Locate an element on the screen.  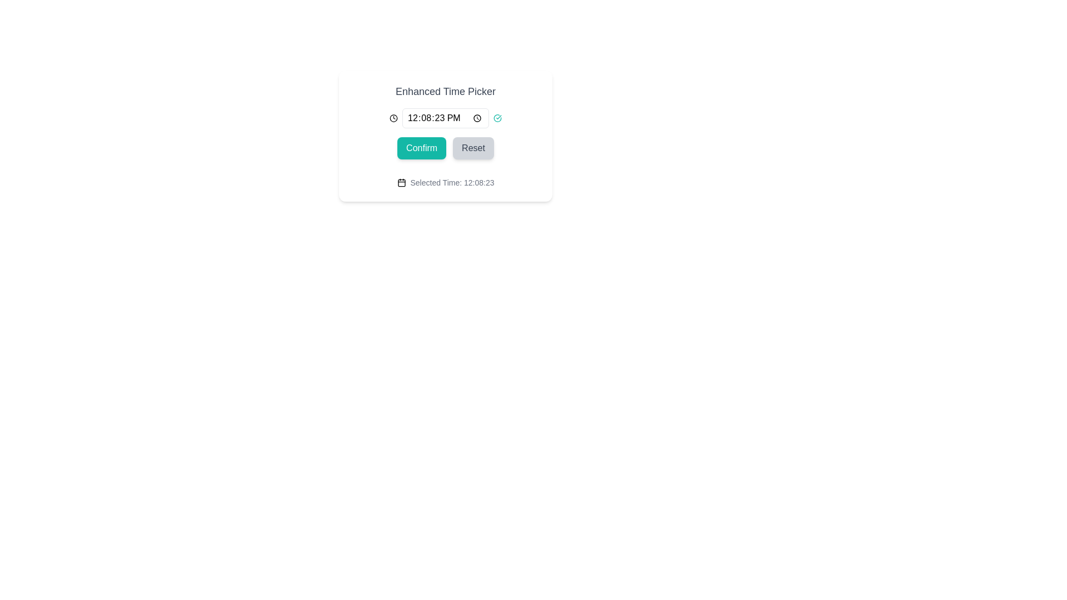
the circular teal check icon located at the far right of the row that contains the time display is located at coordinates (497, 118).